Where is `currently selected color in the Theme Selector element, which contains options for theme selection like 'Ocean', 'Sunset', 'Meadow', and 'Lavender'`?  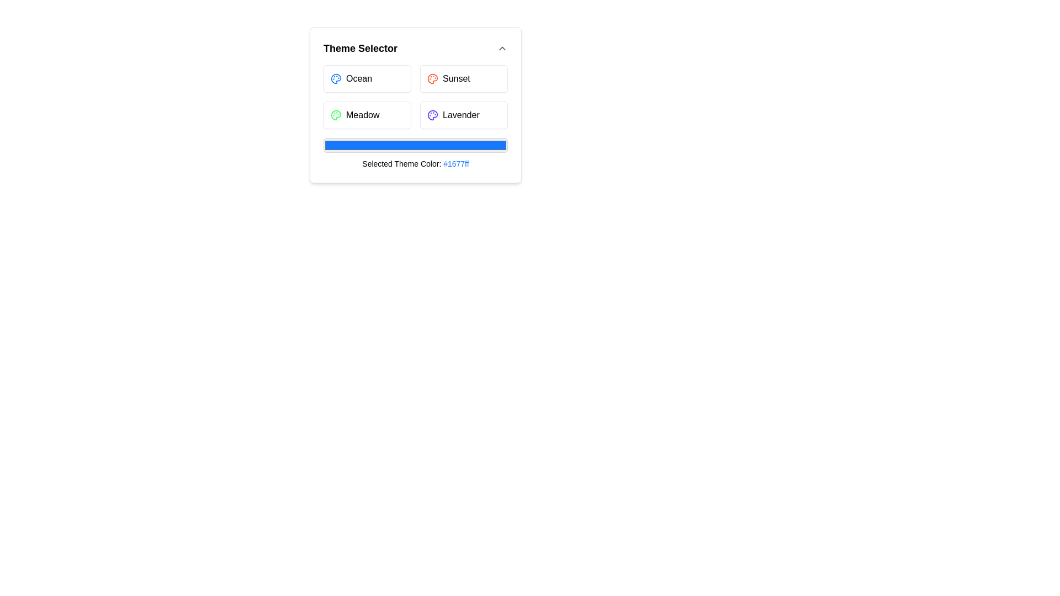 currently selected color in the Theme Selector element, which contains options for theme selection like 'Ocean', 'Sunset', 'Meadow', and 'Lavender' is located at coordinates (415, 117).